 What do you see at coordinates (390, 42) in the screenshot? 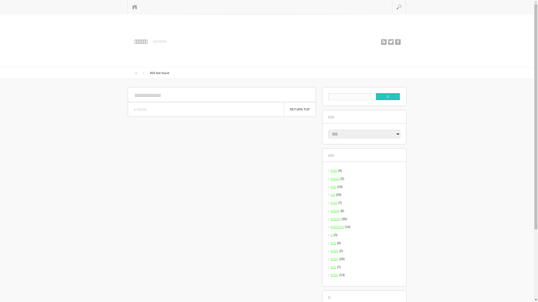
I see `'twitter'` at bounding box center [390, 42].